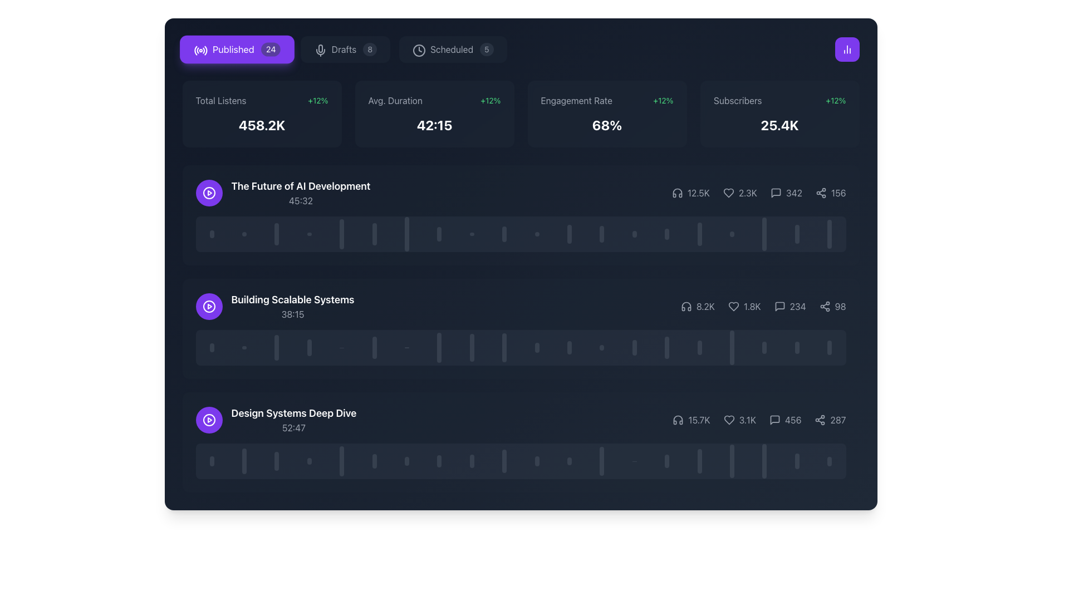 The image size is (1069, 601). What do you see at coordinates (747, 420) in the screenshot?
I see `text value displayed in the count label located to the right of the heart-shaped icon, indicating likes or interactions` at bounding box center [747, 420].